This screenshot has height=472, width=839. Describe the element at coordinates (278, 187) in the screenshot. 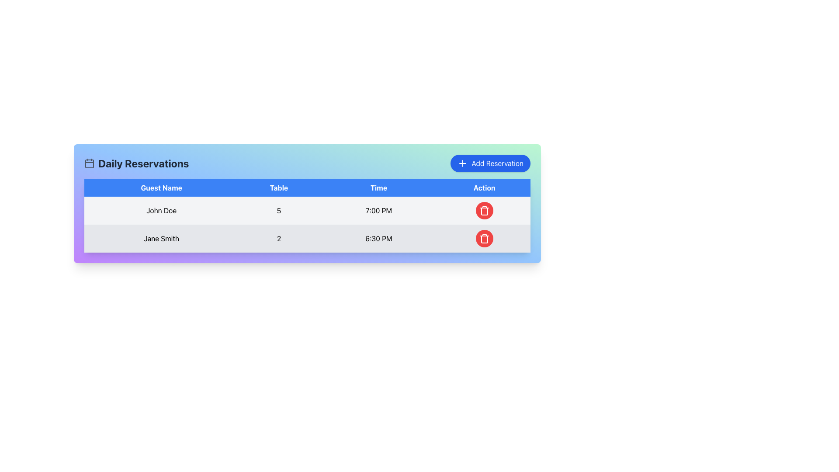

I see `the 'Table' text label, which is the second column header in a row of headers within a table, located between 'Guest Name' and 'Time' headers` at that location.